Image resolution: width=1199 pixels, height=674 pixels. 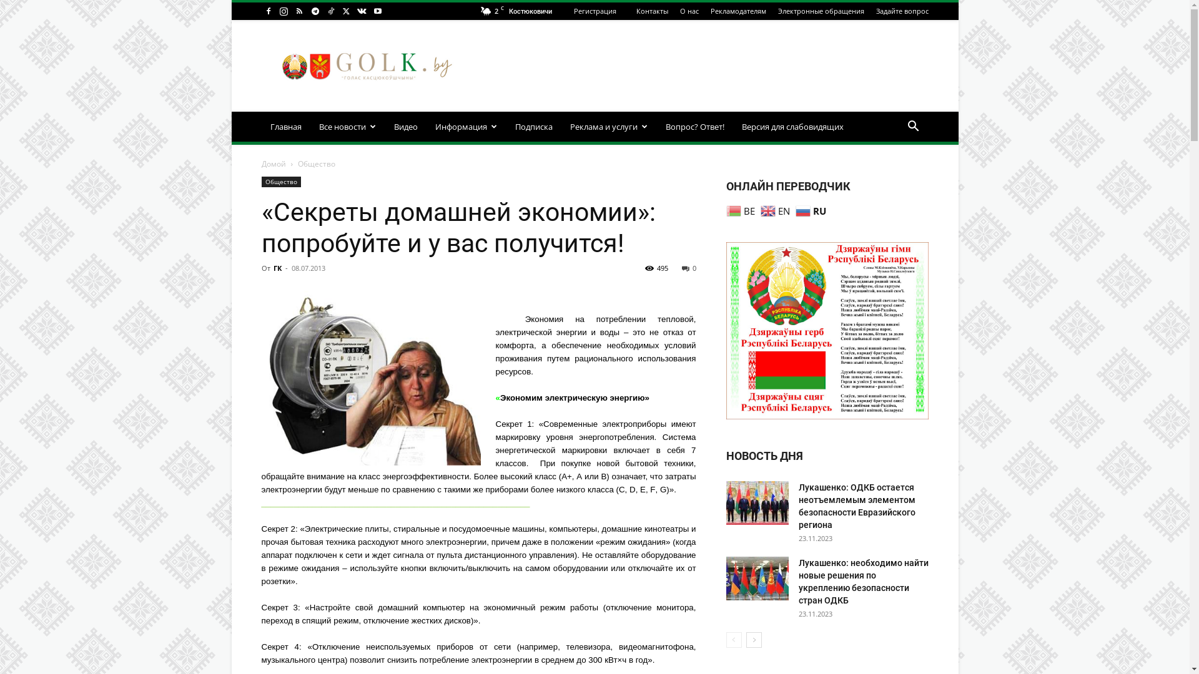 I want to click on 'Telegram', so click(x=315, y=11).